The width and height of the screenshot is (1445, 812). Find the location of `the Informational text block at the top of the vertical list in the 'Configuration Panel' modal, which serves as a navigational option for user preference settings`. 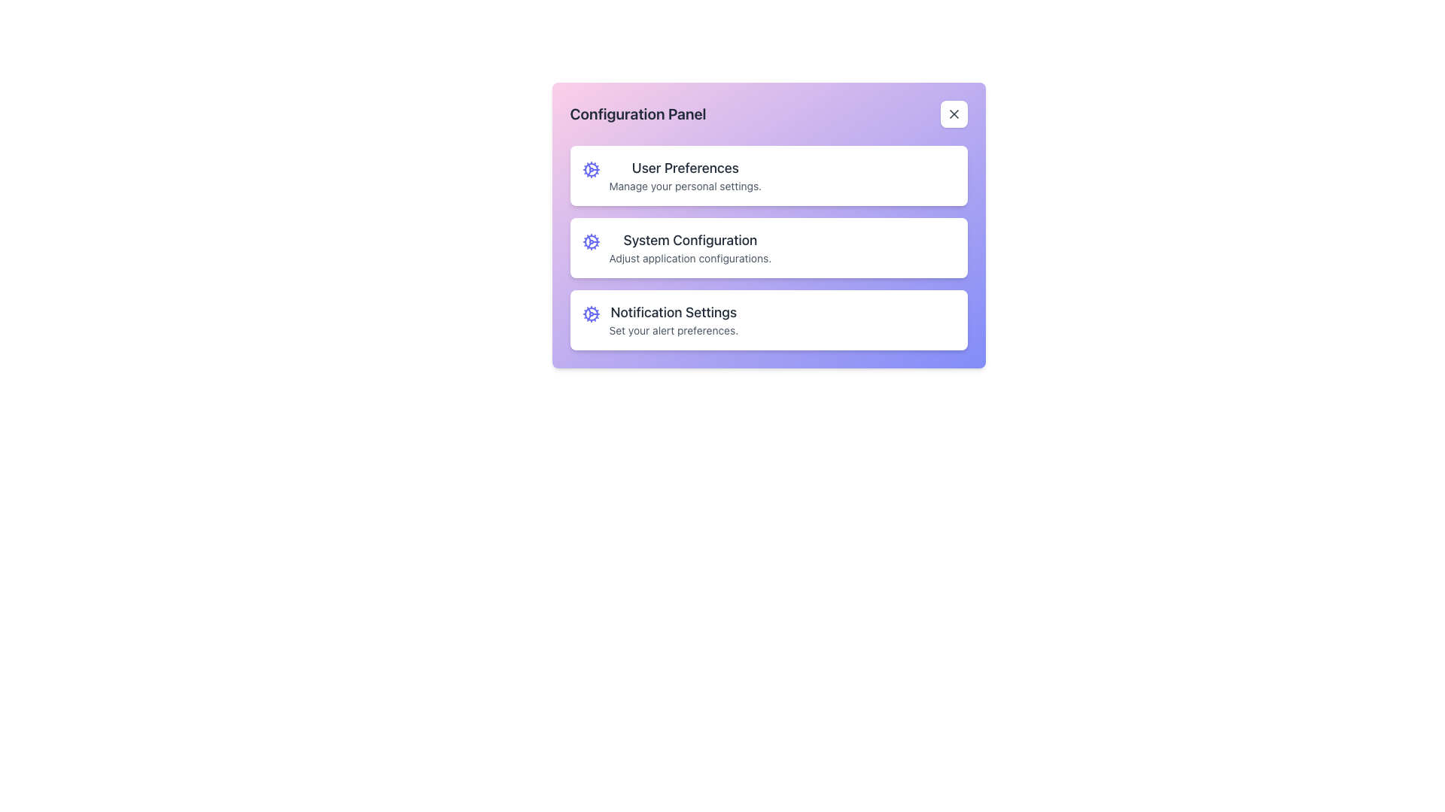

the Informational text block at the top of the vertical list in the 'Configuration Panel' modal, which serves as a navigational option for user preference settings is located at coordinates (684, 175).